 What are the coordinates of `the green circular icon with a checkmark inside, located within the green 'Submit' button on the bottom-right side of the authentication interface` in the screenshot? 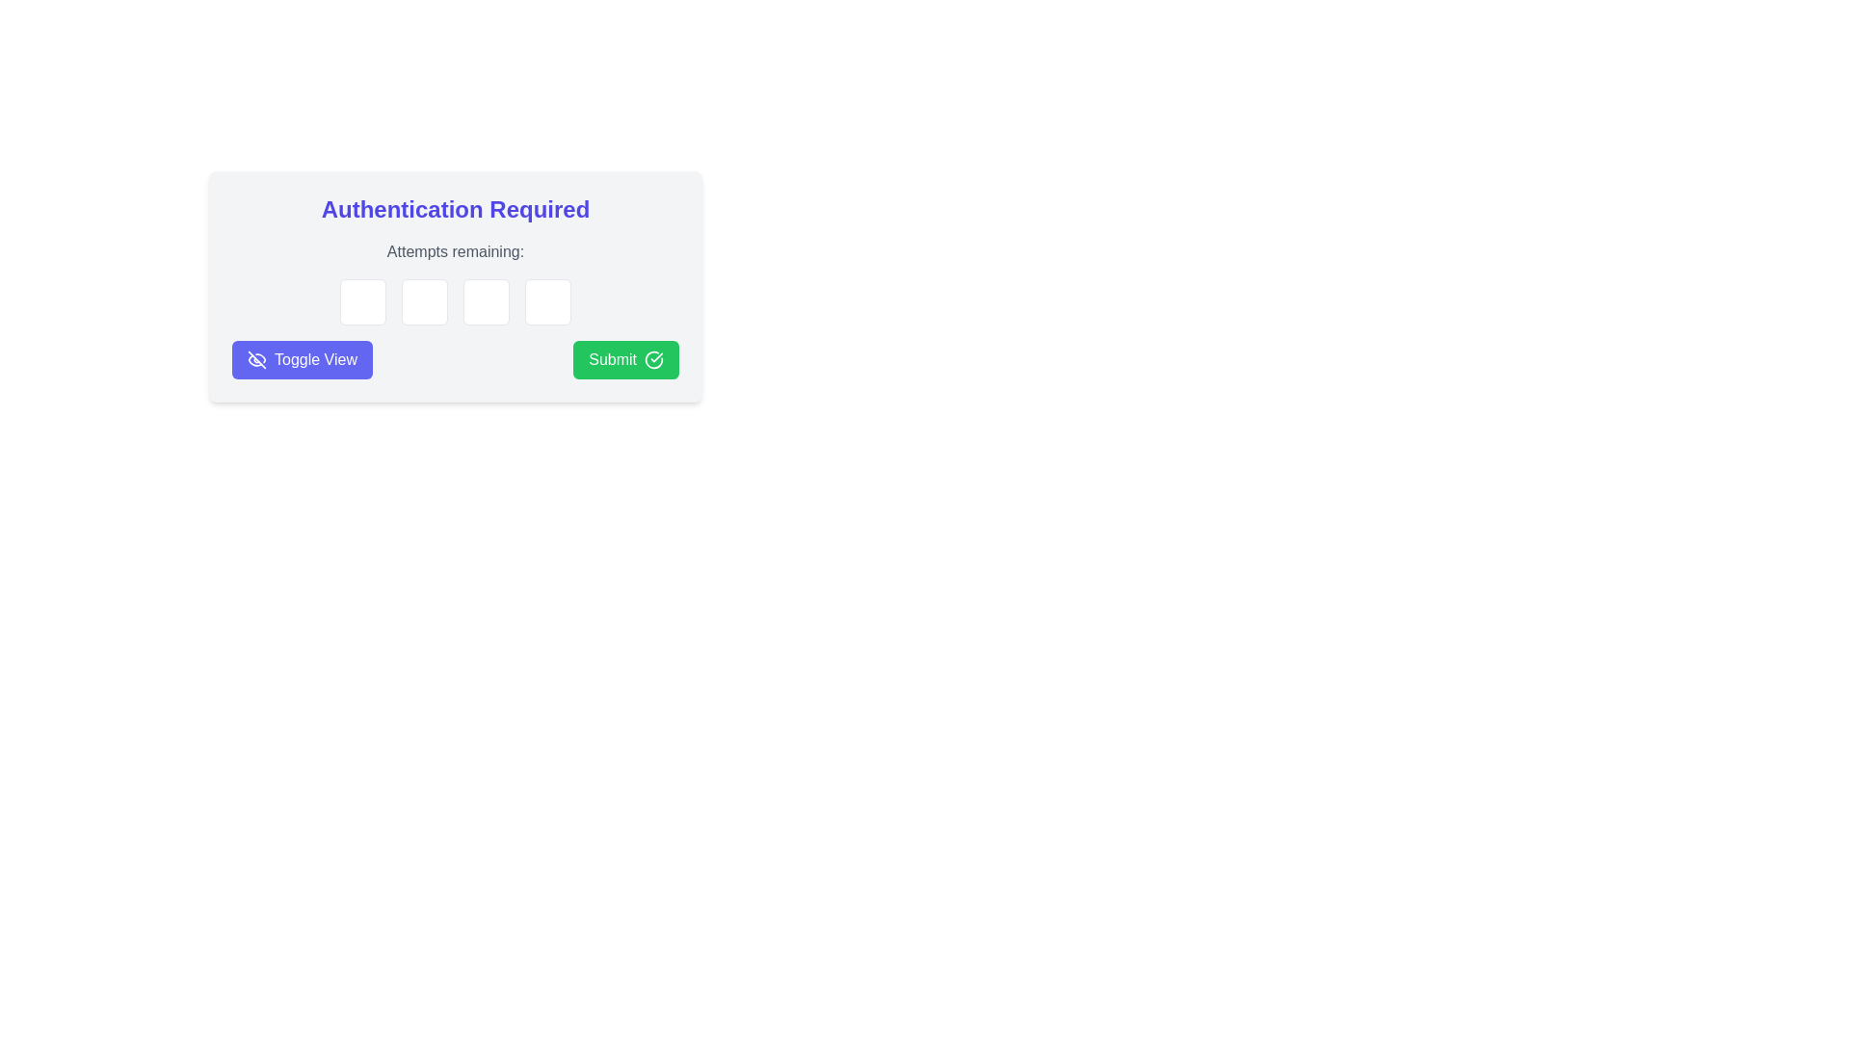 It's located at (653, 360).